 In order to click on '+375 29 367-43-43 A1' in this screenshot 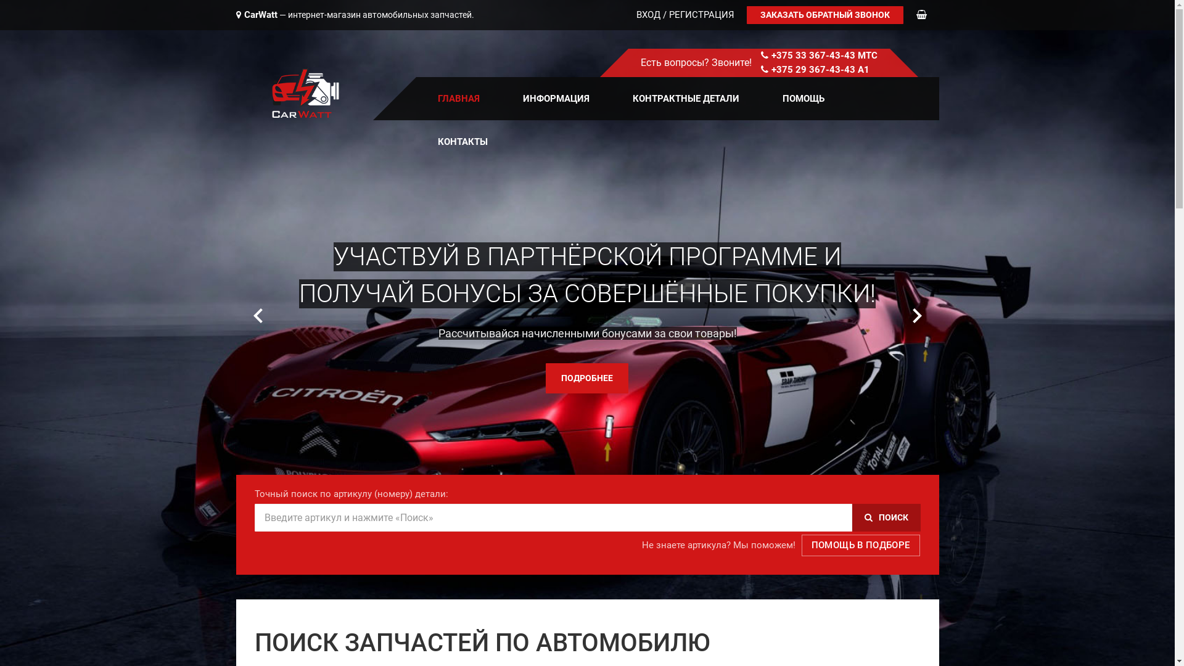, I will do `click(820, 69)`.